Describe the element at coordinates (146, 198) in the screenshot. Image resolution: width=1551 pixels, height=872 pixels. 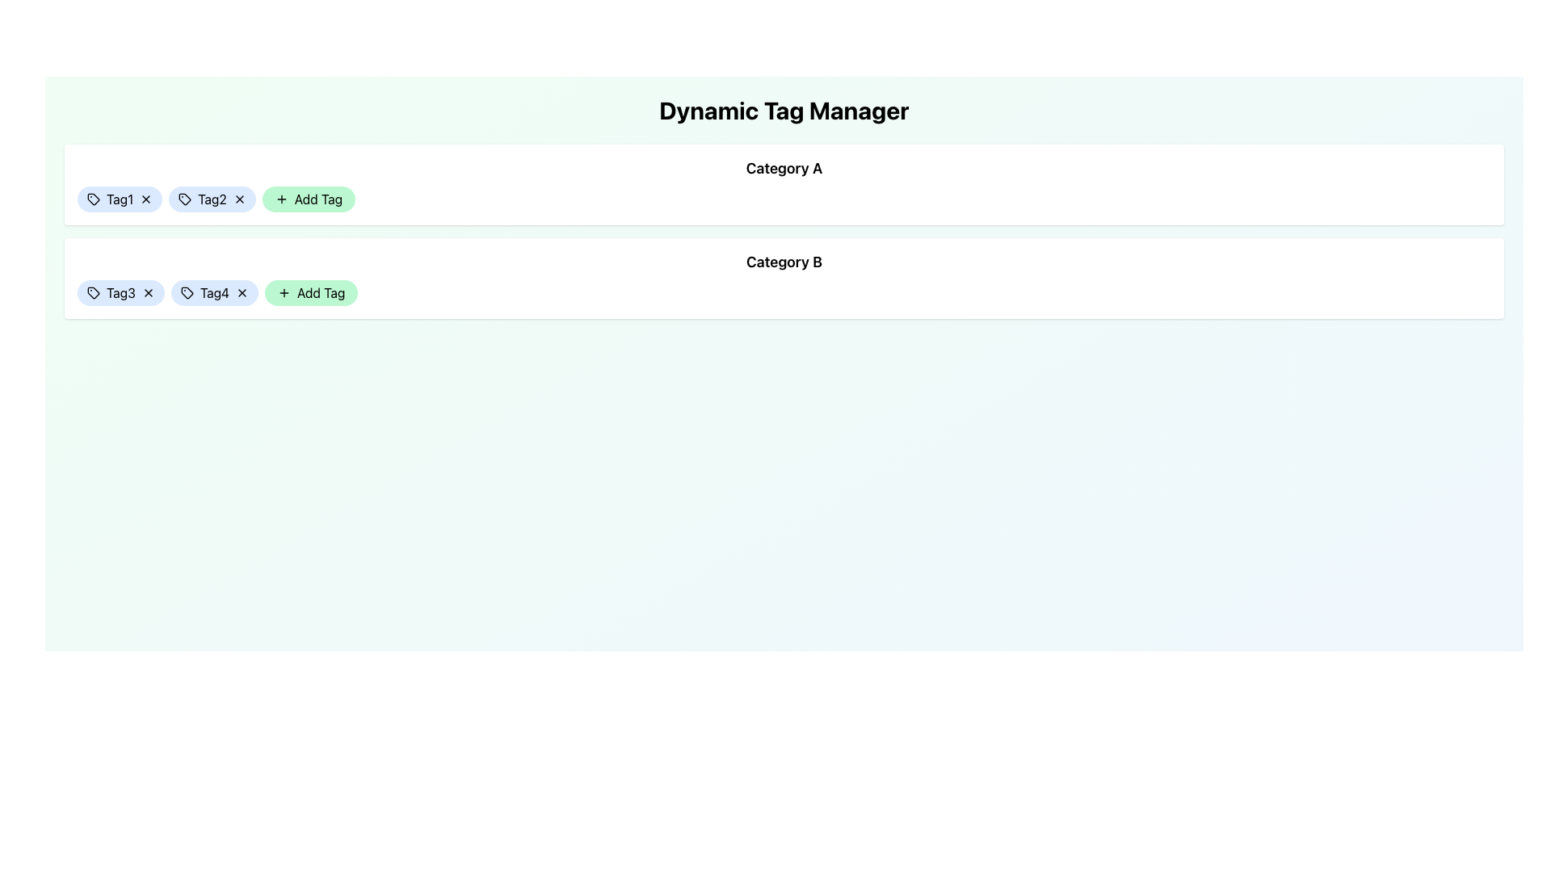
I see `the close button represented by an 'X' icon located to the right of the text 'Tag1' within the 'Tag1' group in the 'Category A' section` at that location.